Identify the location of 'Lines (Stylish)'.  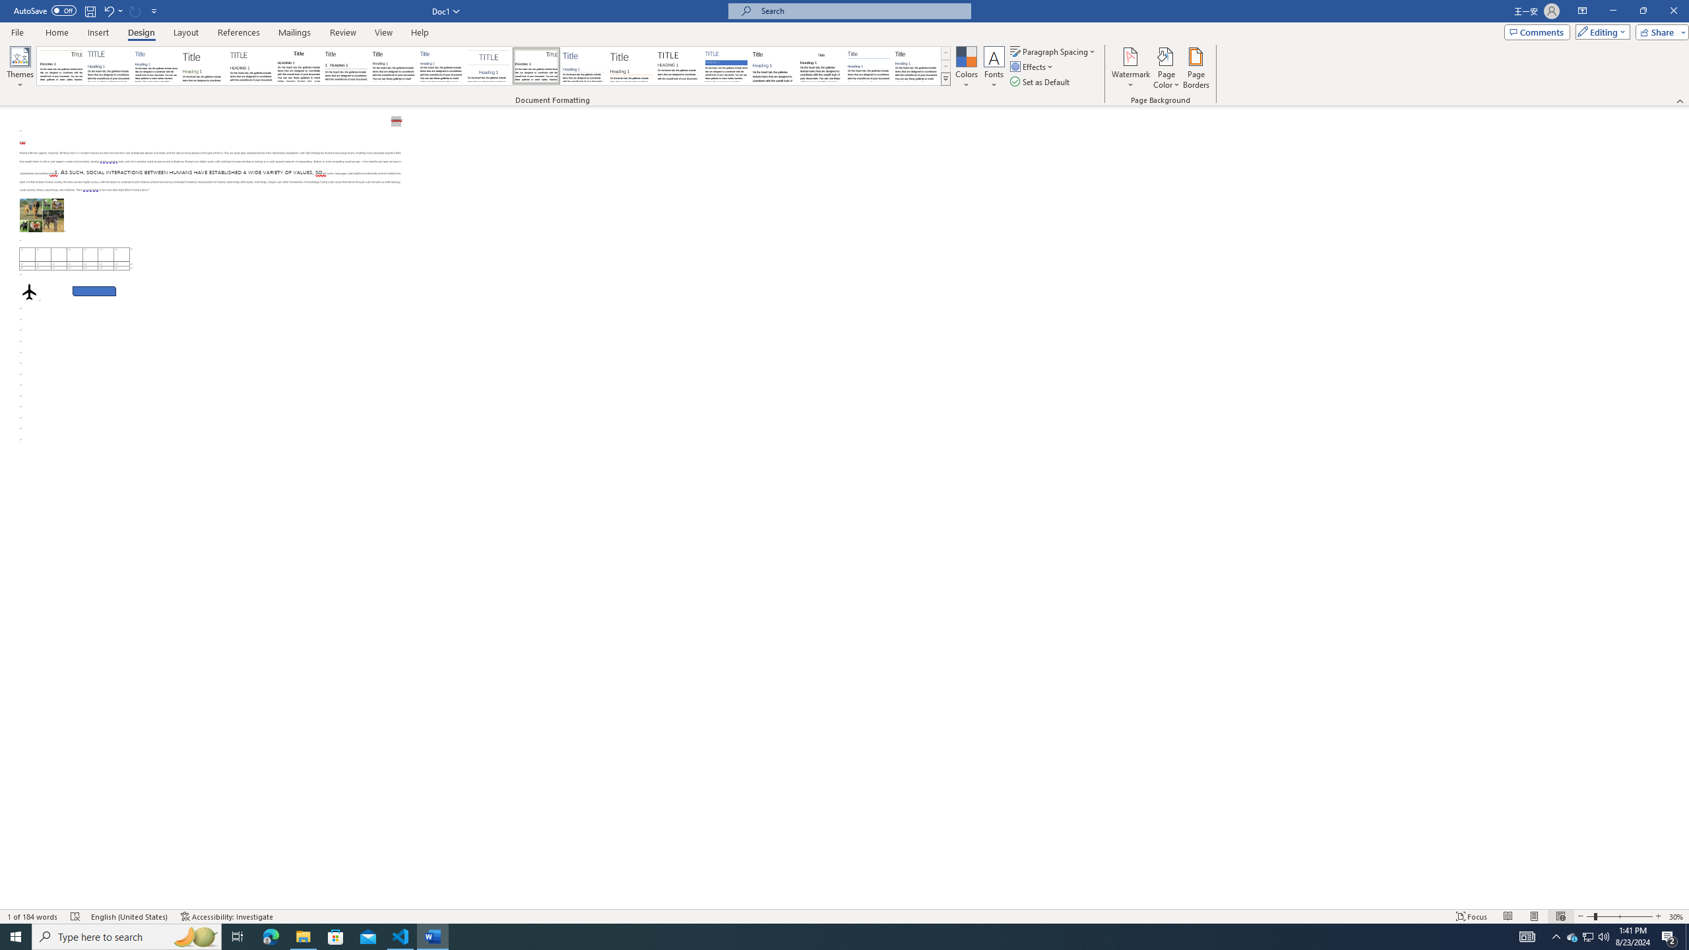
(631, 65).